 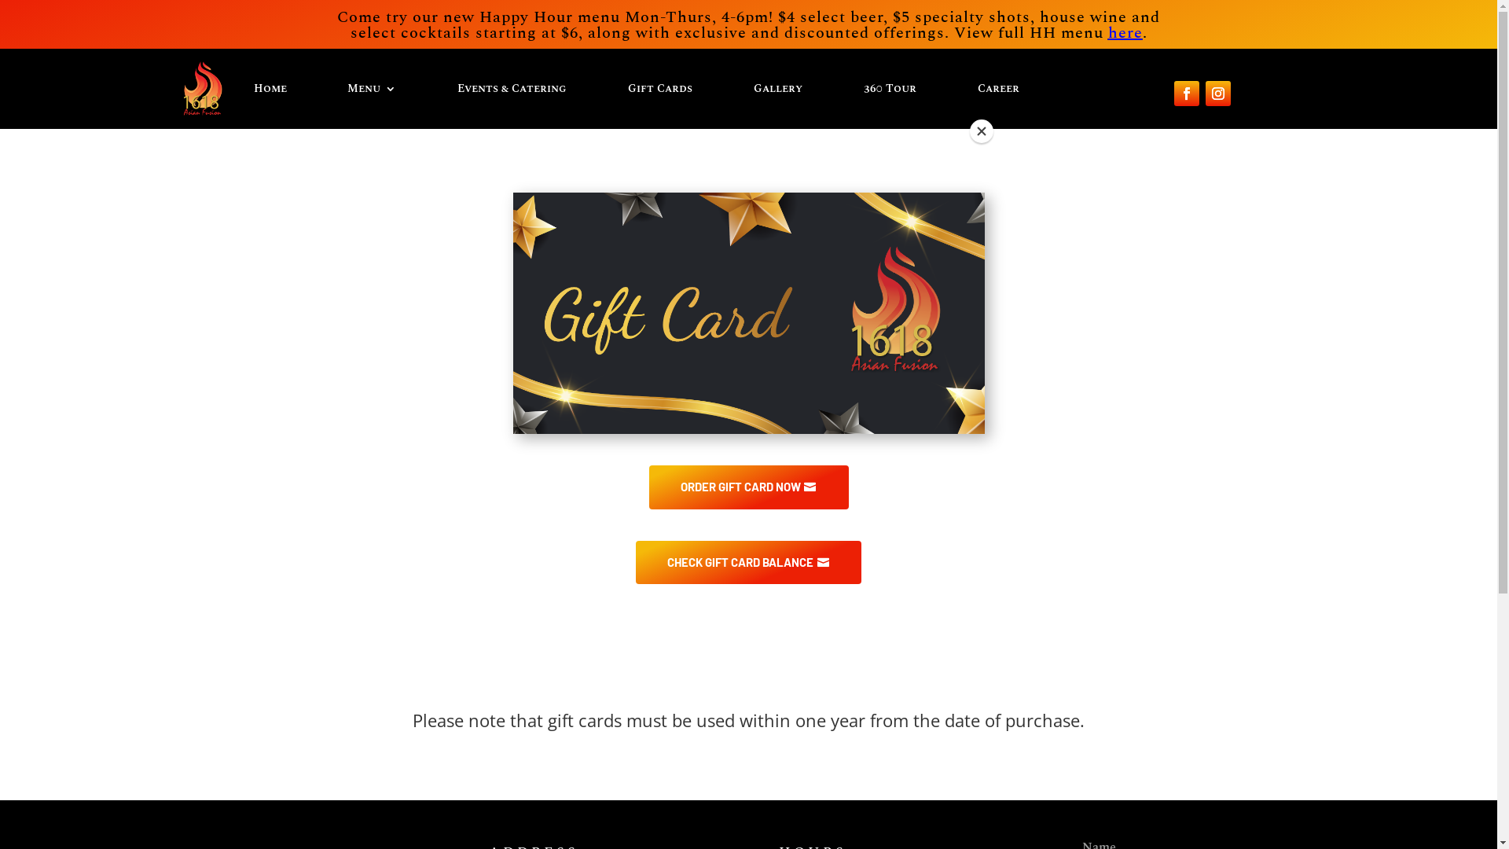 What do you see at coordinates (747, 562) in the screenshot?
I see `'CHECK GIFT CARD BALANCE'` at bounding box center [747, 562].